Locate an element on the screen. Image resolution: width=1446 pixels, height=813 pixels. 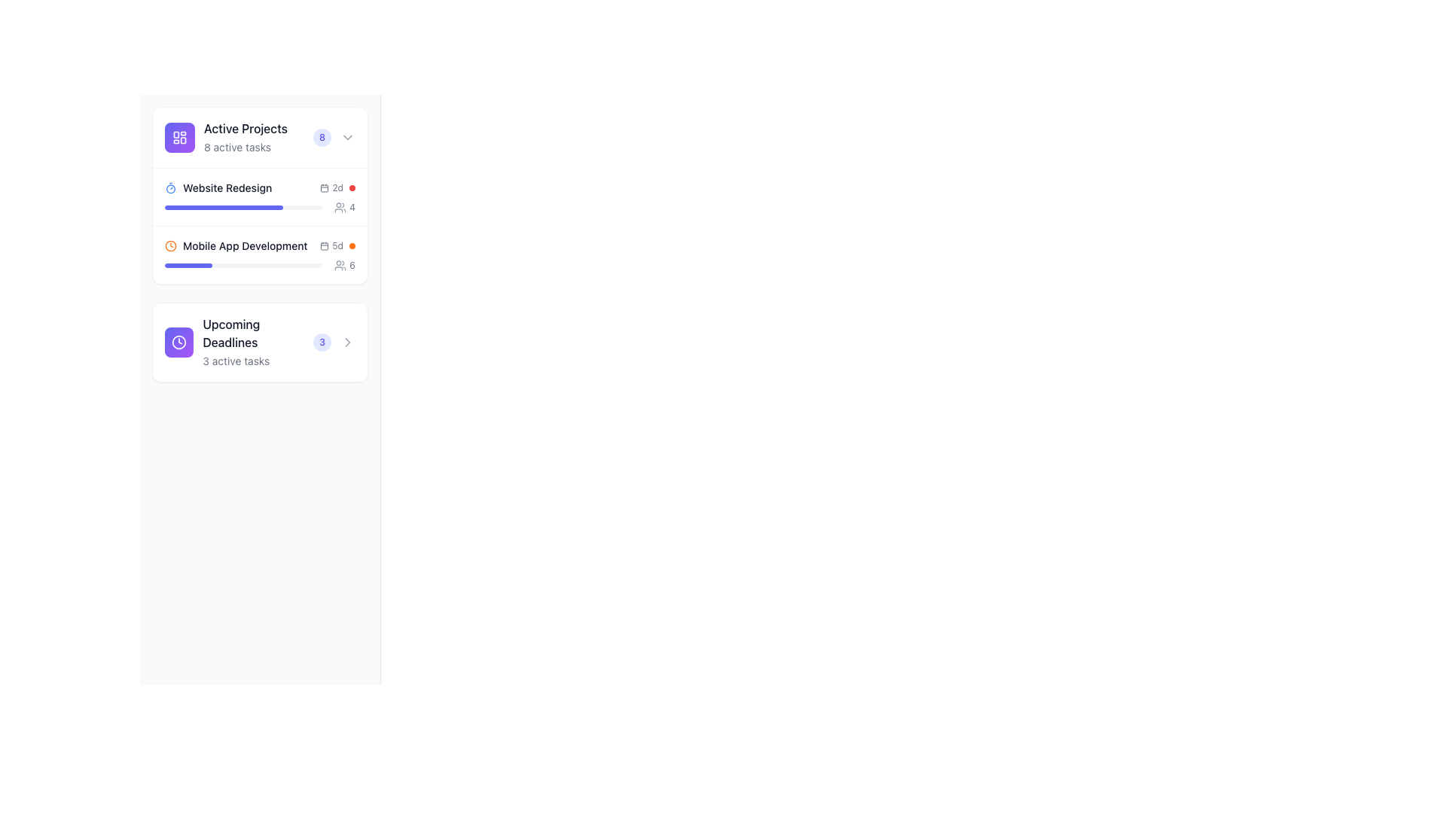
the gray icon depicting two human figures, located to the left of the text '6' in the 'Mobile App Development' task row is located at coordinates (340, 265).